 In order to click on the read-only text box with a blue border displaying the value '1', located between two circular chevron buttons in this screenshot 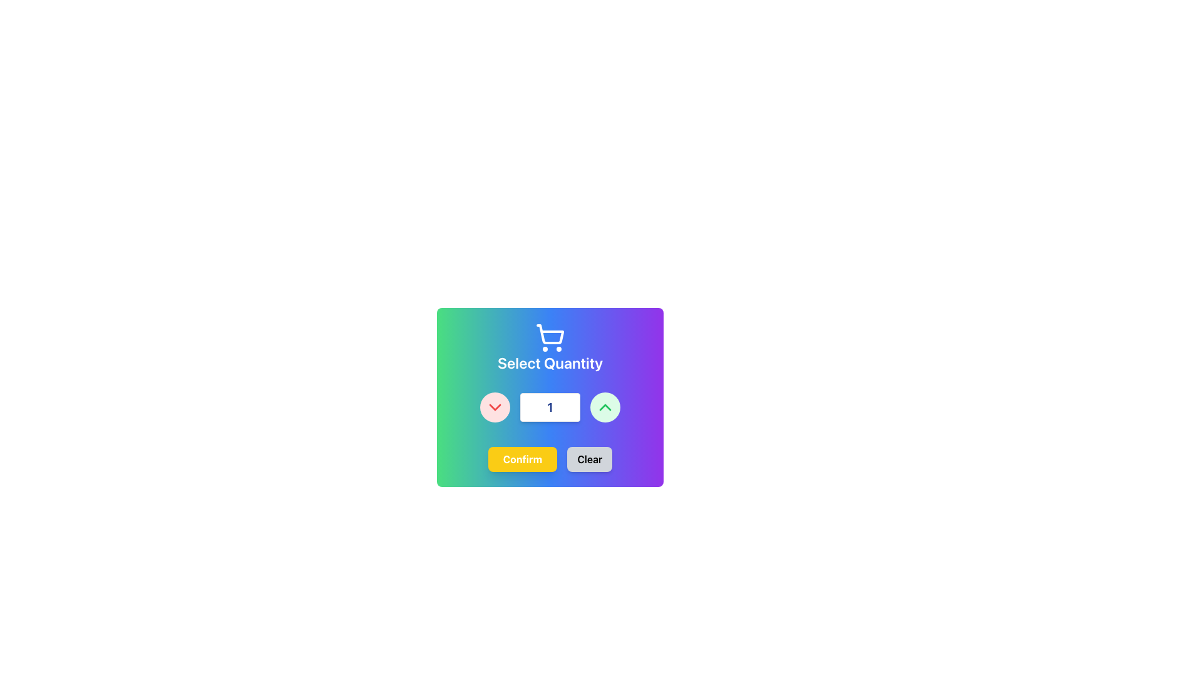, I will do `click(550, 407)`.